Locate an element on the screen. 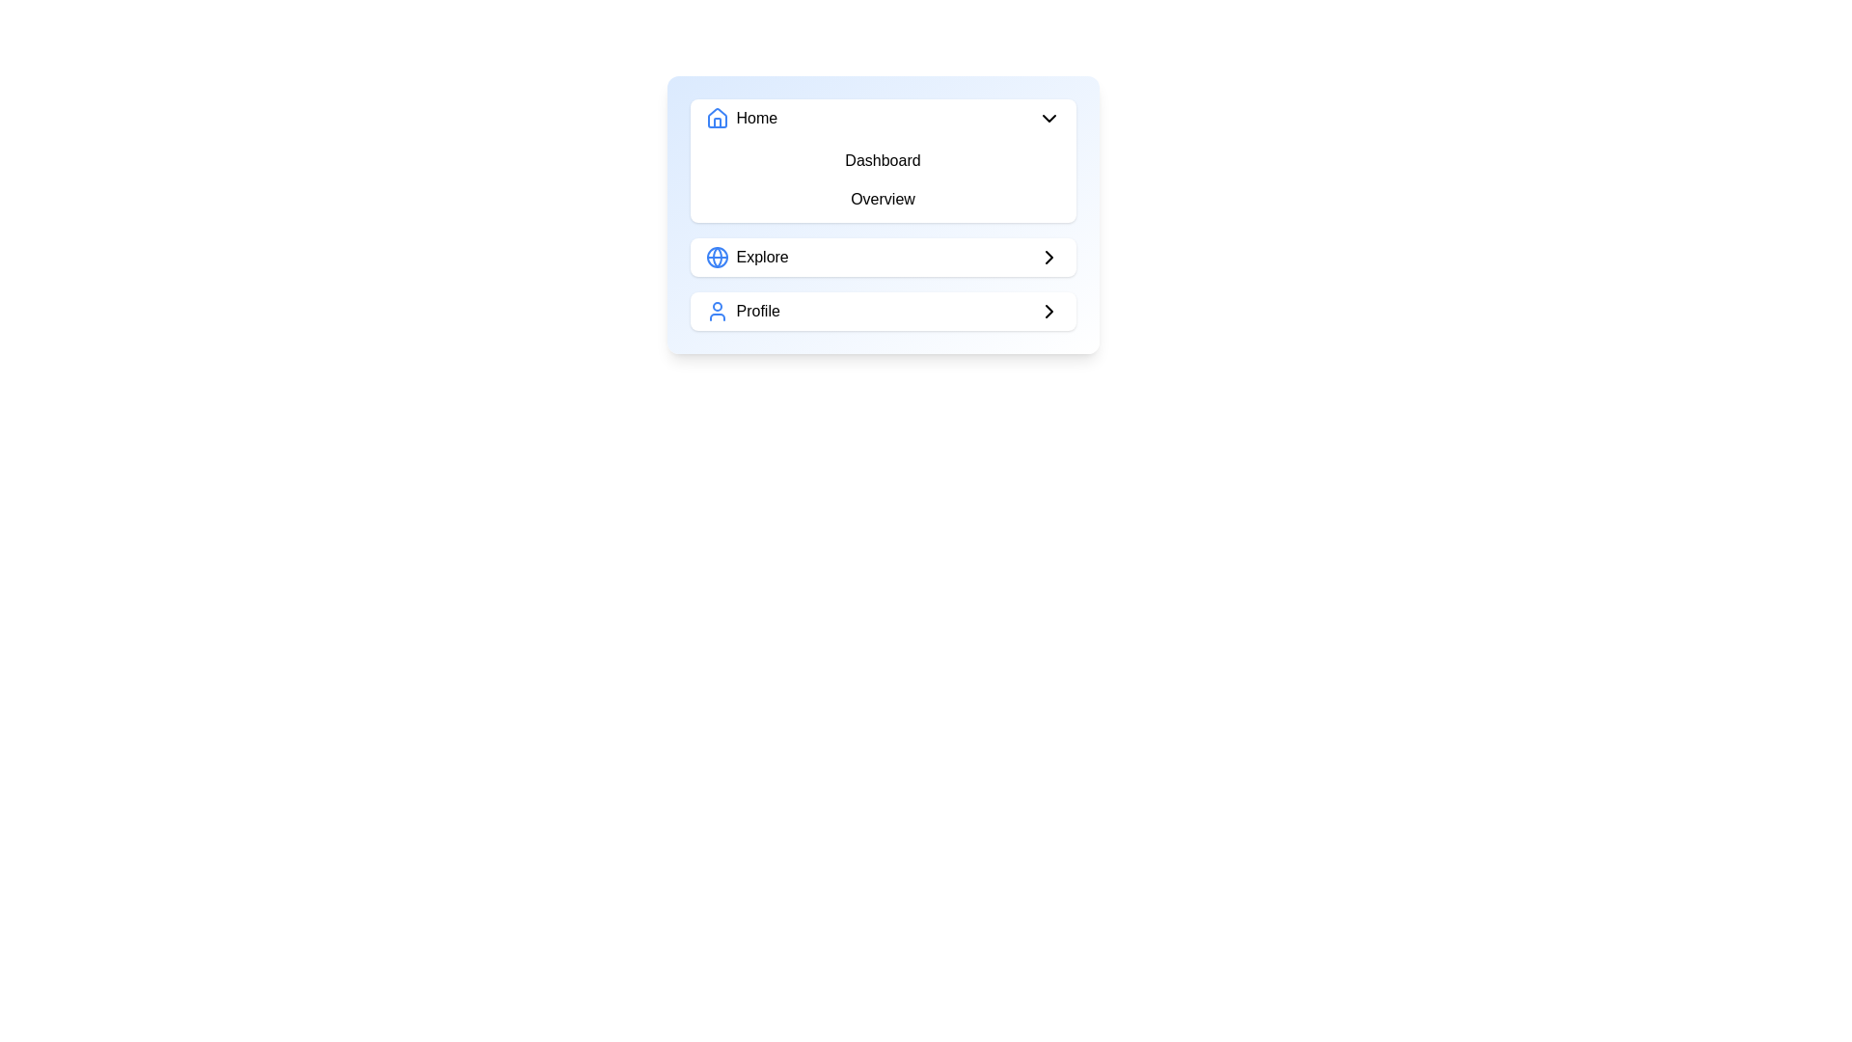 Image resolution: width=1852 pixels, height=1042 pixels. the user profile icon, which is a blue circular head and shoulders line drawing located next to the 'Profile' label in the vertical navigation list is located at coordinates (716, 311).